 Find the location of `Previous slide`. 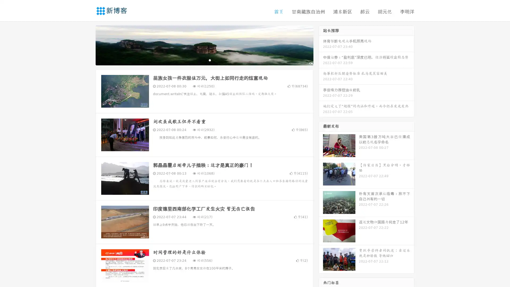

Previous slide is located at coordinates (88, 45).